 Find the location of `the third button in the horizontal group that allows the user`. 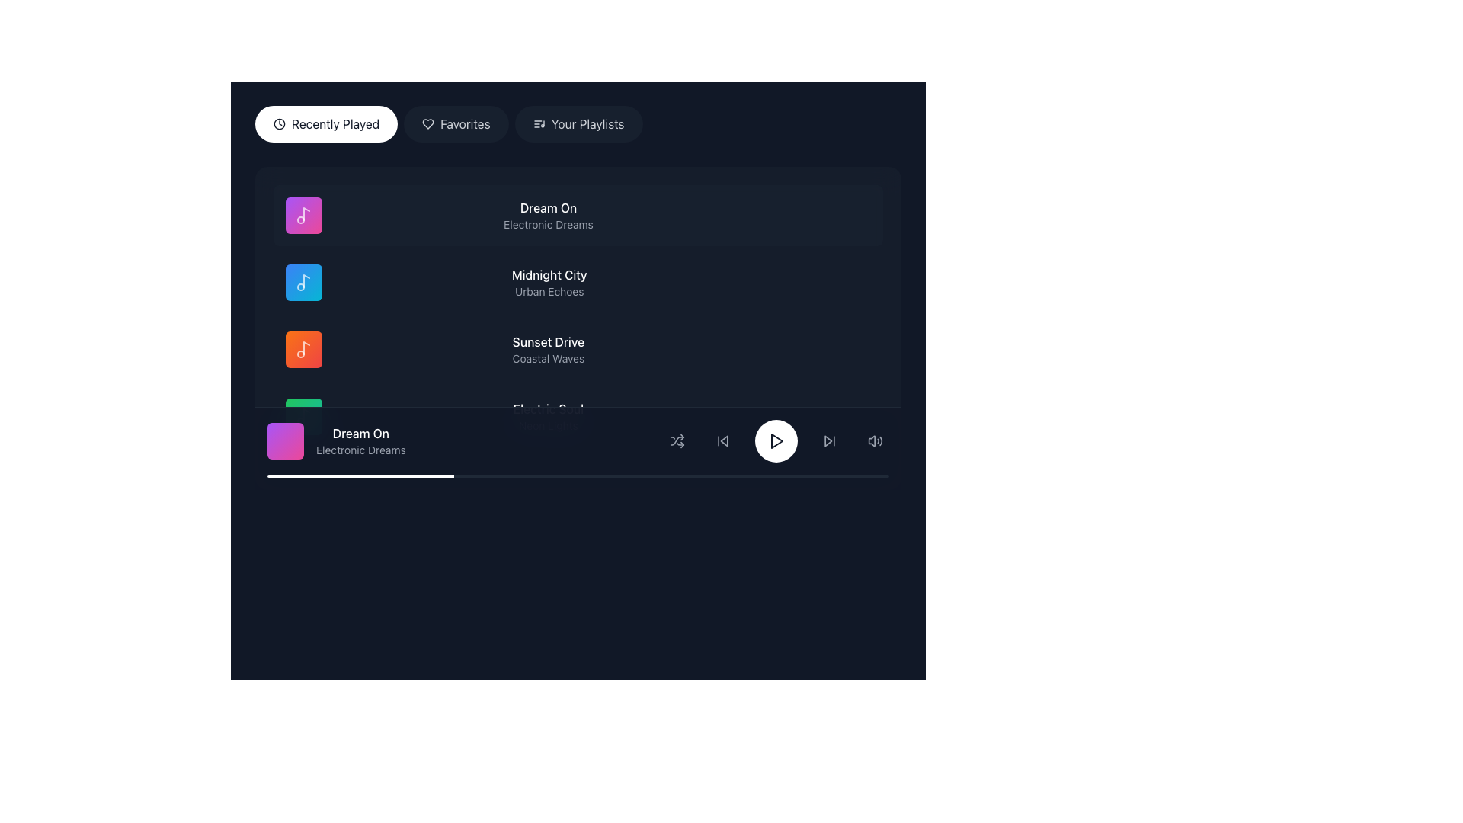

the third button in the horizontal group that allows the user is located at coordinates (578, 123).